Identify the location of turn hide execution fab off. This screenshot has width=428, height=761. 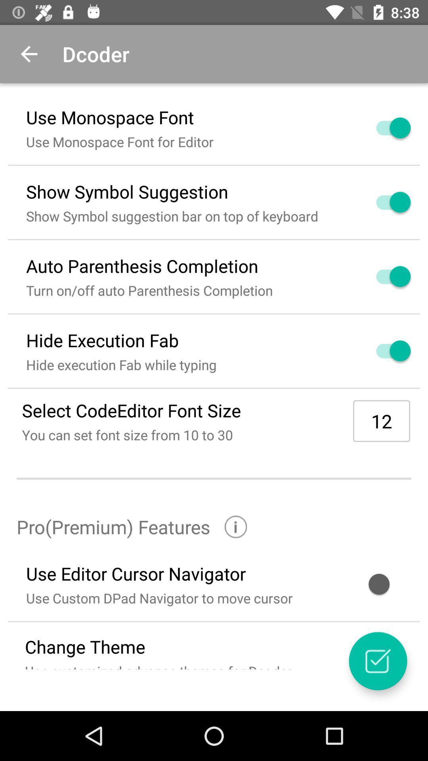
(384, 350).